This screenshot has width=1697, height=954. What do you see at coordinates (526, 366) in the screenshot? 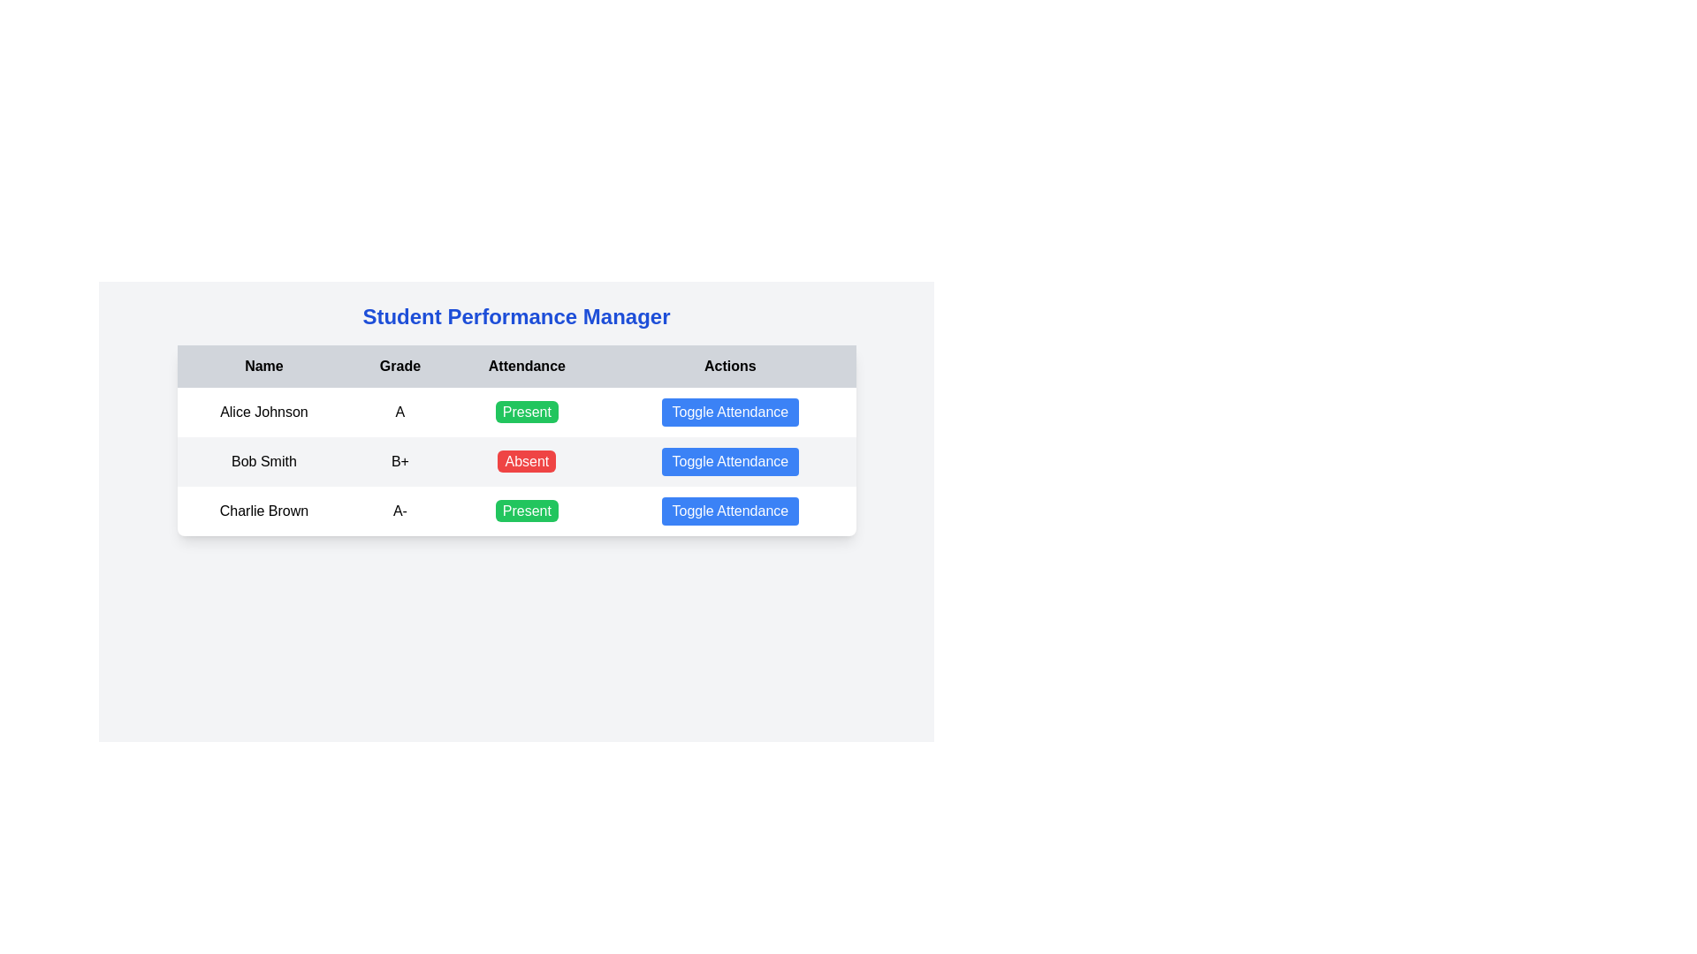
I see `the non-interactive header label that describes the attendance status in the third column of the table` at bounding box center [526, 366].